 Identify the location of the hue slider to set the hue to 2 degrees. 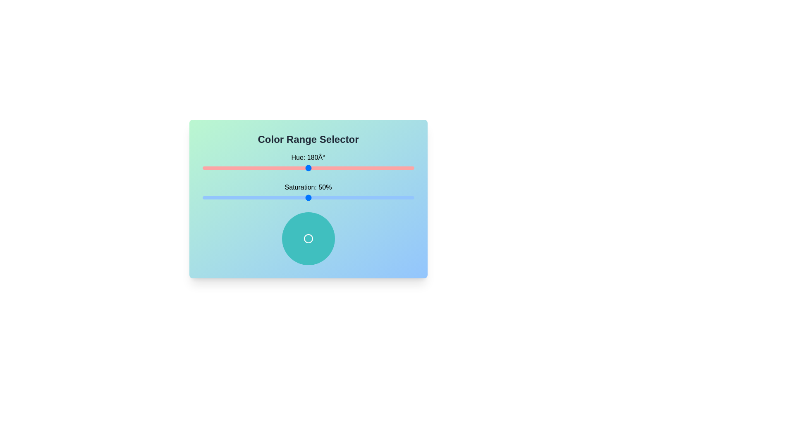
(203, 168).